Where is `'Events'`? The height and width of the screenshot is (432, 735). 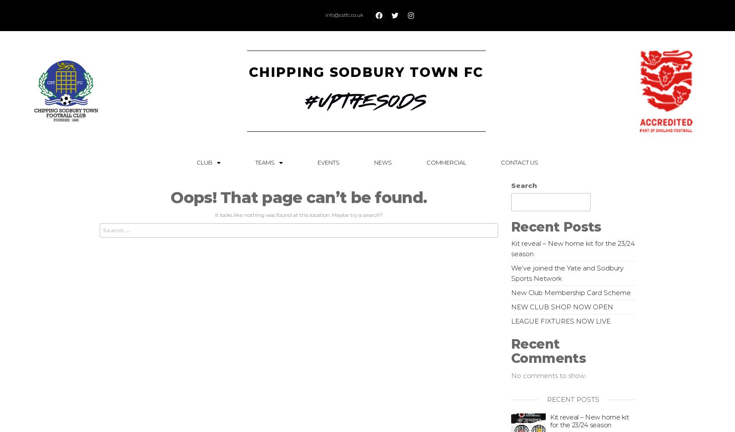
'Events' is located at coordinates (328, 162).